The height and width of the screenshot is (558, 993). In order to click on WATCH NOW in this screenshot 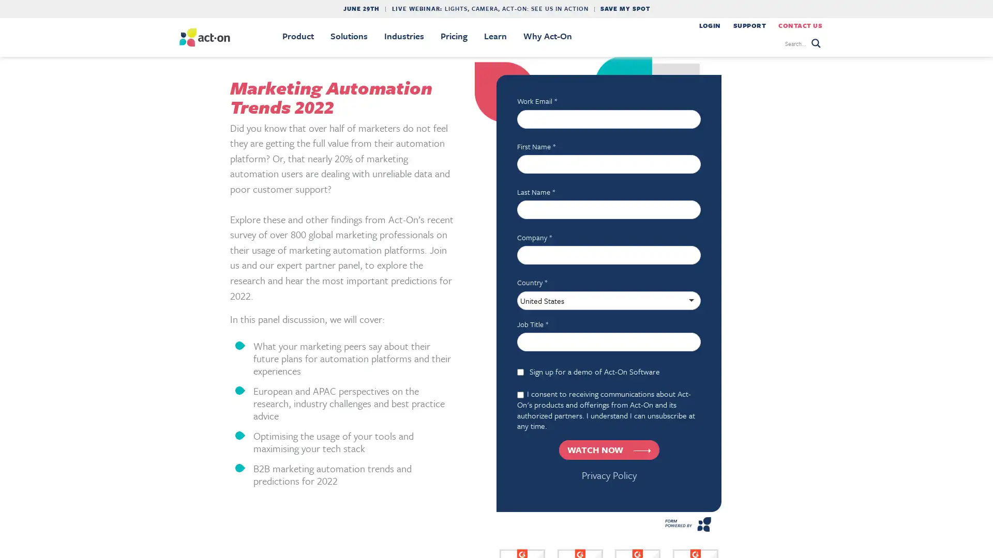, I will do `click(608, 449)`.